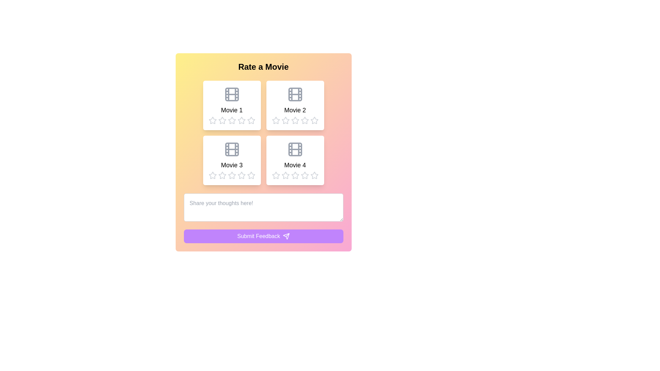 The width and height of the screenshot is (660, 371). I want to click on the first star-shaped rating icon under the 'Movie 2' title, which has a gray border and is filled with white, indicating the leftmost star in the group of five, so click(276, 120).